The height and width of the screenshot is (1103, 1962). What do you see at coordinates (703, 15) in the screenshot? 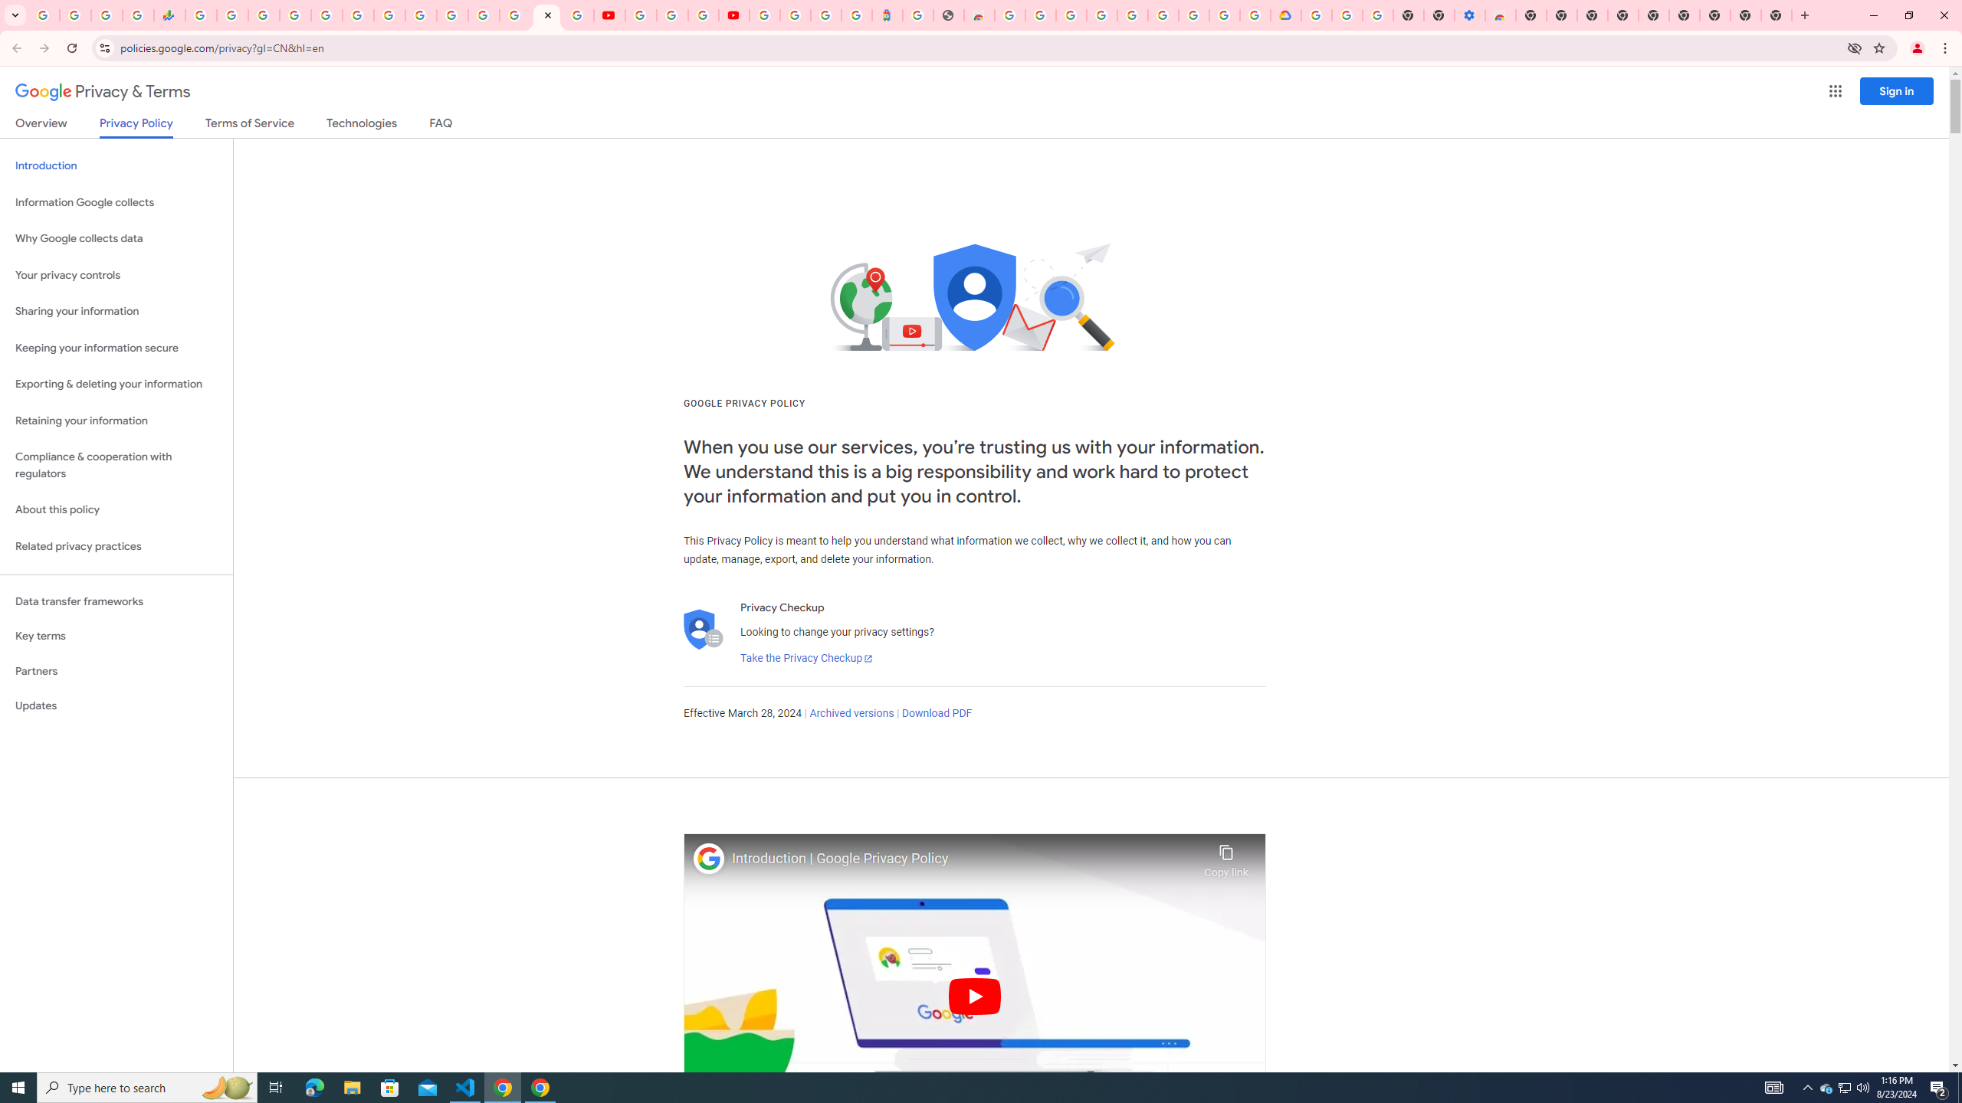
I see `'Create your Google Account'` at bounding box center [703, 15].